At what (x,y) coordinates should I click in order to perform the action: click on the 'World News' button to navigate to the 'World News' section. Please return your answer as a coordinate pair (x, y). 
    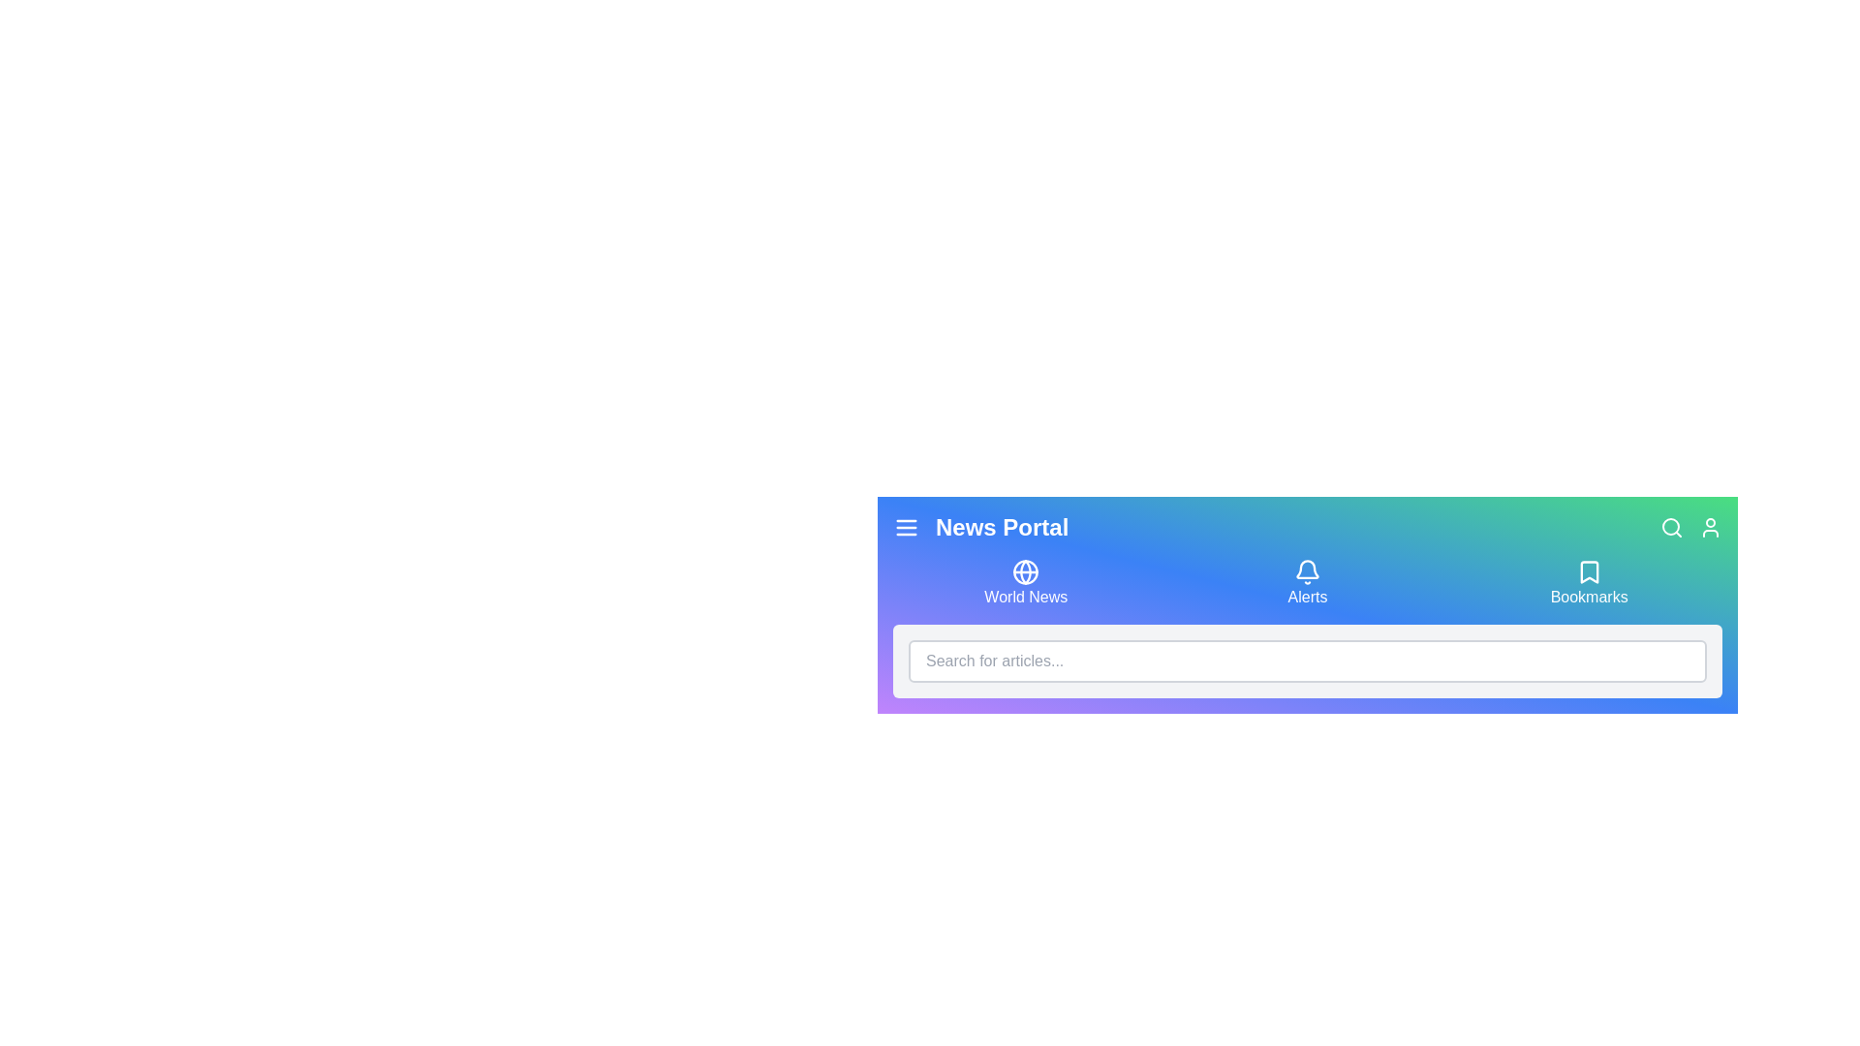
    Looking at the image, I should click on (1025, 582).